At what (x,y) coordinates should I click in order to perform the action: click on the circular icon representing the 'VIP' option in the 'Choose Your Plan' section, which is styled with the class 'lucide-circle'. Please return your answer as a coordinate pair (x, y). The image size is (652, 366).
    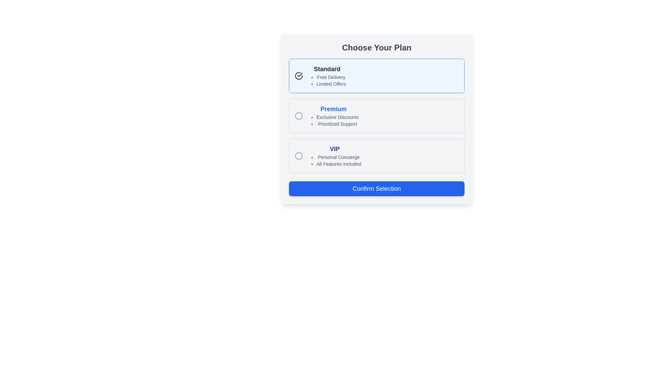
    Looking at the image, I should click on (298, 156).